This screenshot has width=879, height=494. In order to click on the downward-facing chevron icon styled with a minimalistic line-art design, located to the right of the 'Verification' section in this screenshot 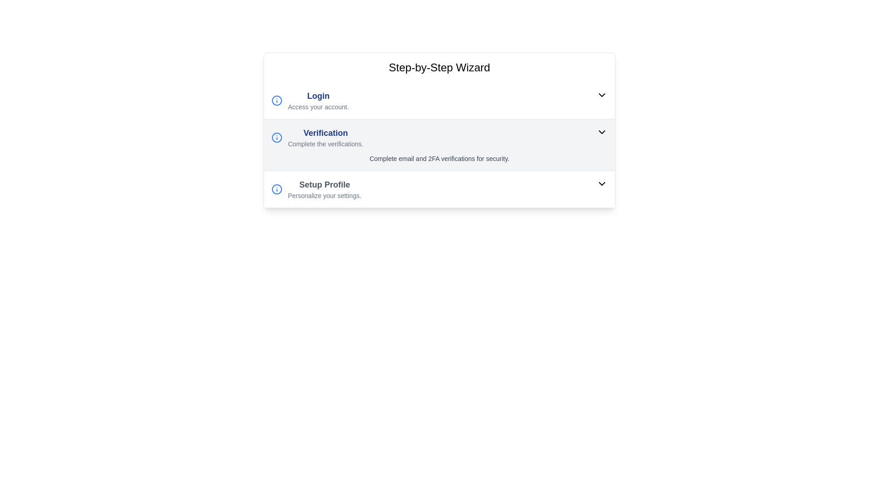, I will do `click(602, 132)`.